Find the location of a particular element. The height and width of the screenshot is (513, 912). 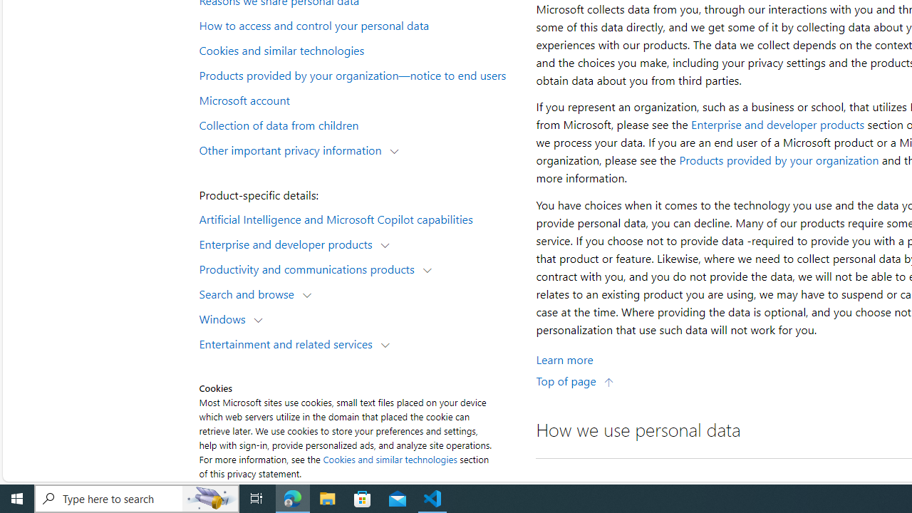

'Productivity and communications products' is located at coordinates (309, 268).